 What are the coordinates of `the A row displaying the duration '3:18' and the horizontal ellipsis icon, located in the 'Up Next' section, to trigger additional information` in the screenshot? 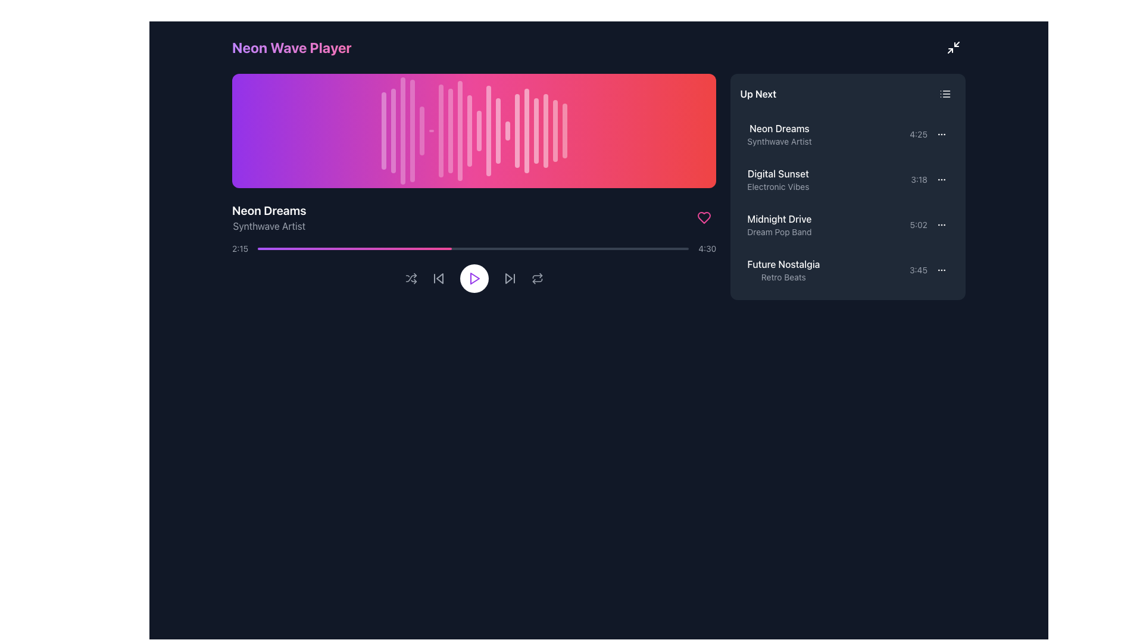 It's located at (929, 179).